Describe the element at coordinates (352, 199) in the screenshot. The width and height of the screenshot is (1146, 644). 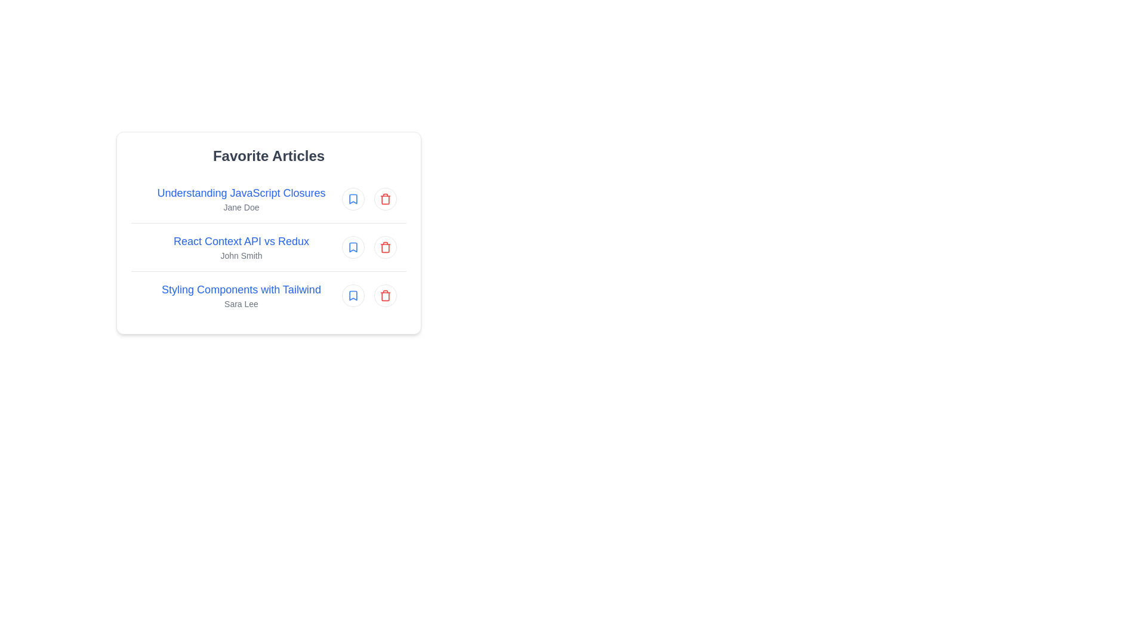
I see `the Bookmark icon for the article titled 'Understanding JavaScript Closures'` at that location.